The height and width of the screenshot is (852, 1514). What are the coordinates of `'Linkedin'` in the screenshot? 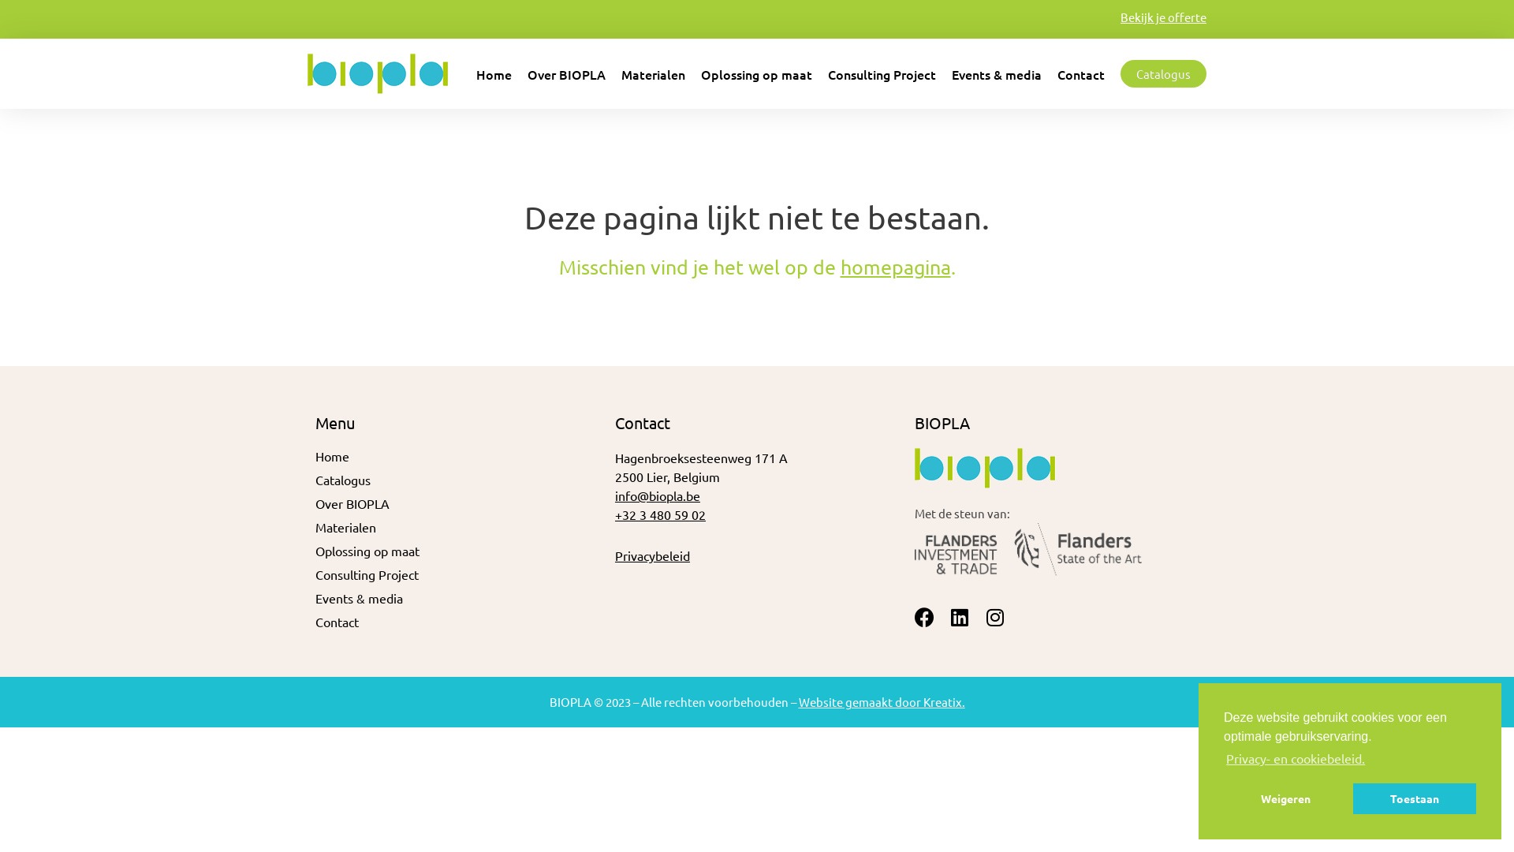 It's located at (959, 616).